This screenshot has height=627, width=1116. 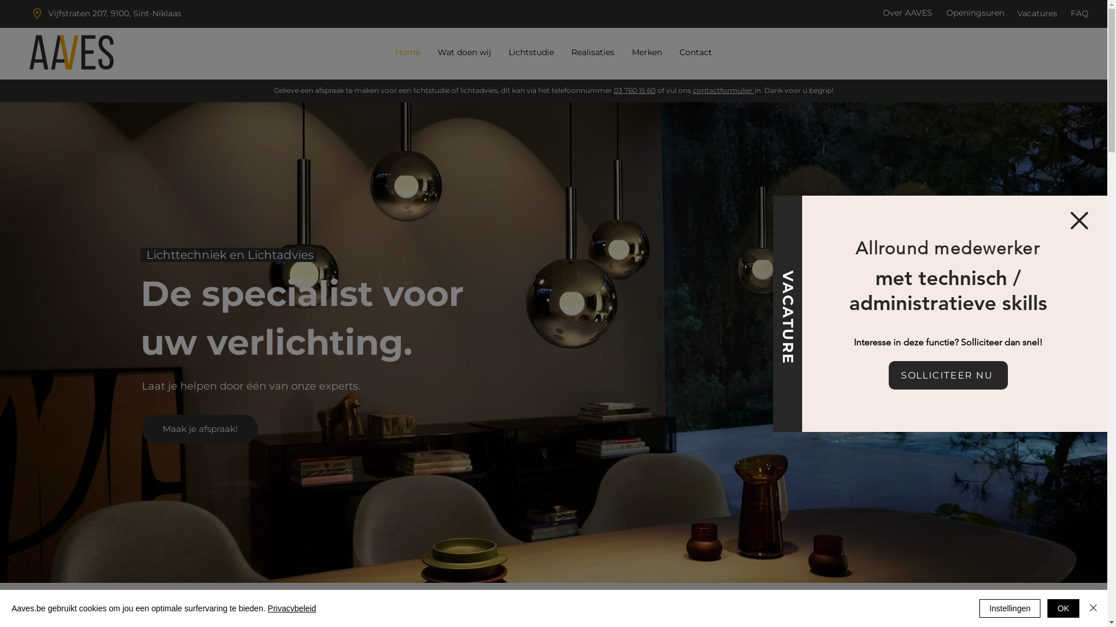 What do you see at coordinates (695, 52) in the screenshot?
I see `'Contact'` at bounding box center [695, 52].